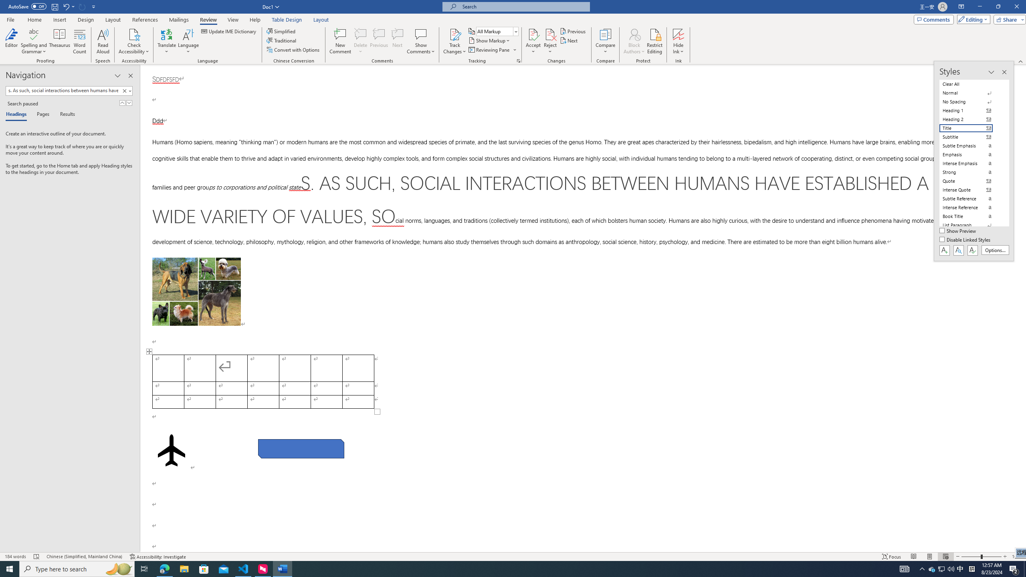 The image size is (1026, 577). I want to click on 'Reviewing Pane', so click(489, 49).